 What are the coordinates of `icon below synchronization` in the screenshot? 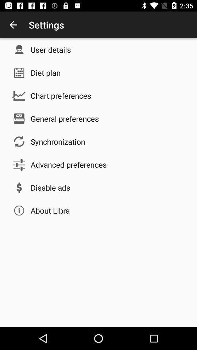 It's located at (69, 164).